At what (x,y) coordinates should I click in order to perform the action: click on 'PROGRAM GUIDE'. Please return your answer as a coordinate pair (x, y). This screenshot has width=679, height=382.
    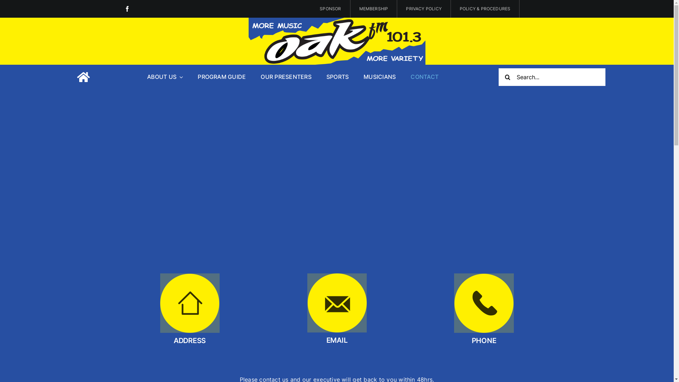
    Looking at the image, I should click on (221, 77).